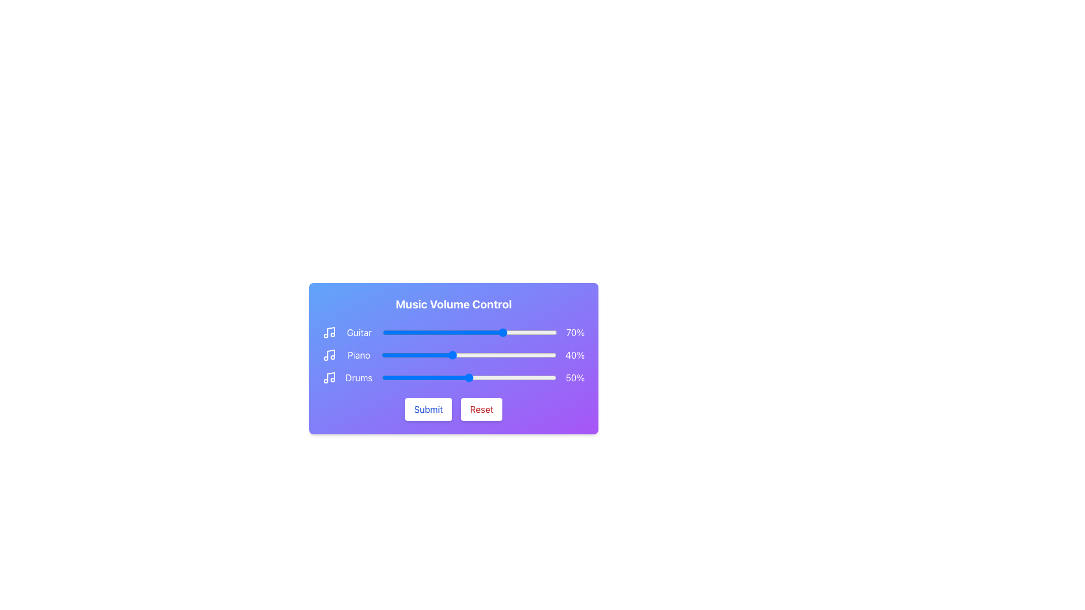 The width and height of the screenshot is (1085, 610). What do you see at coordinates (525, 332) in the screenshot?
I see `guitar volume` at bounding box center [525, 332].